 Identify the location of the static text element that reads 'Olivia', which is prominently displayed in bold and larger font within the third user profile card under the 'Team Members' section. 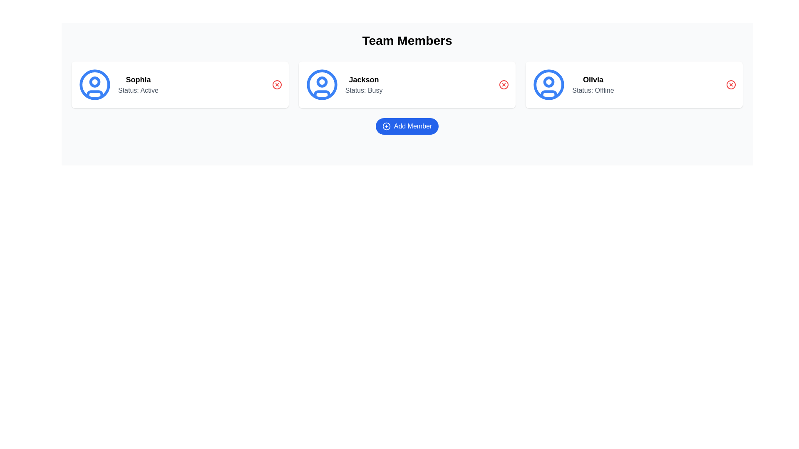
(593, 80).